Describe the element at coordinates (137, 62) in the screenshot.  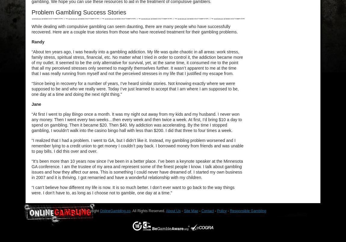
I see `'“About ten years ago, I was heavily into a gambling addiction. My life was quite chaotic in all areas: work stress, family stress, spiritual stress, financial, etc. No matter what I tried in order to control it, the addiction became more of my outlet. It seemed to be the only alternative for survival, yet, at the same time, it consumed me to the point that all my perceived stresses only seemed to magnify themselves further. It wasn’t apparent to me at the time that I was really running from myself and not the perceived stresses in my life that I justified my escape from.'` at that location.